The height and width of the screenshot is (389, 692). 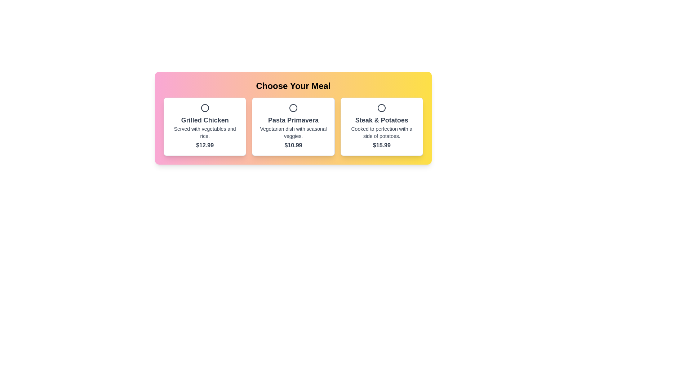 I want to click on the SVG graphical icon (circle) representing the selectable option for 'Pasta Primavera', so click(x=293, y=108).